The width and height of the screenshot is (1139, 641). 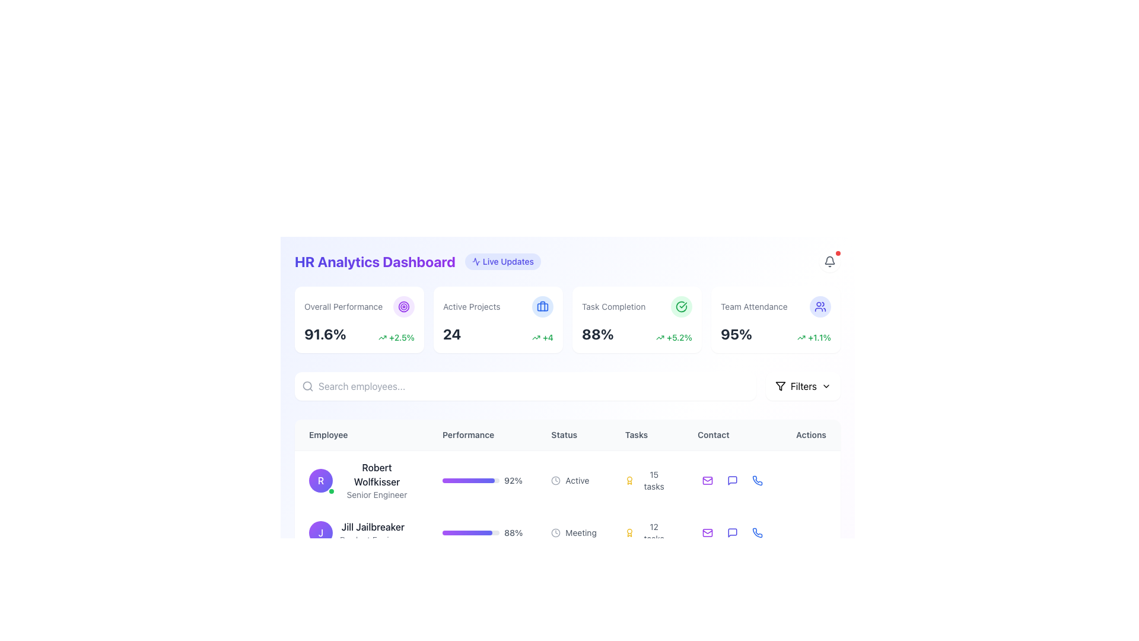 What do you see at coordinates (732, 481) in the screenshot?
I see `the chat icon button, which is a speech bubble outlined in indigo color, located in the 'Contact' column of Robert Wolfkisser's row in the HR Analytics Dashboard` at bounding box center [732, 481].